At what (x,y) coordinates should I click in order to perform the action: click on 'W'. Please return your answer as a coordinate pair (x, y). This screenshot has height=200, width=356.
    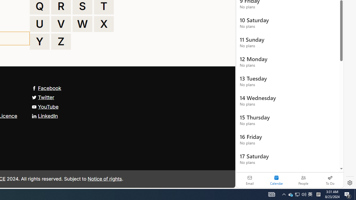
    Looking at the image, I should click on (82, 24).